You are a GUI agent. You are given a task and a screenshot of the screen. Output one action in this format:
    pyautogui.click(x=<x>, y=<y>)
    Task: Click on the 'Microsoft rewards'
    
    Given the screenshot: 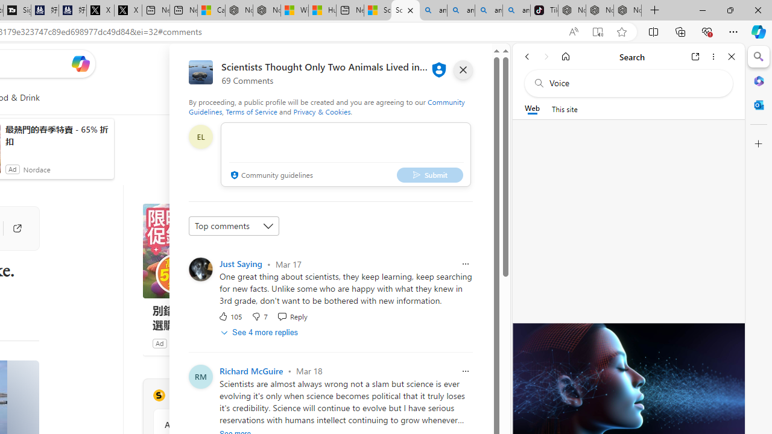 What is the action you would take?
    pyautogui.click(x=426, y=63)
    